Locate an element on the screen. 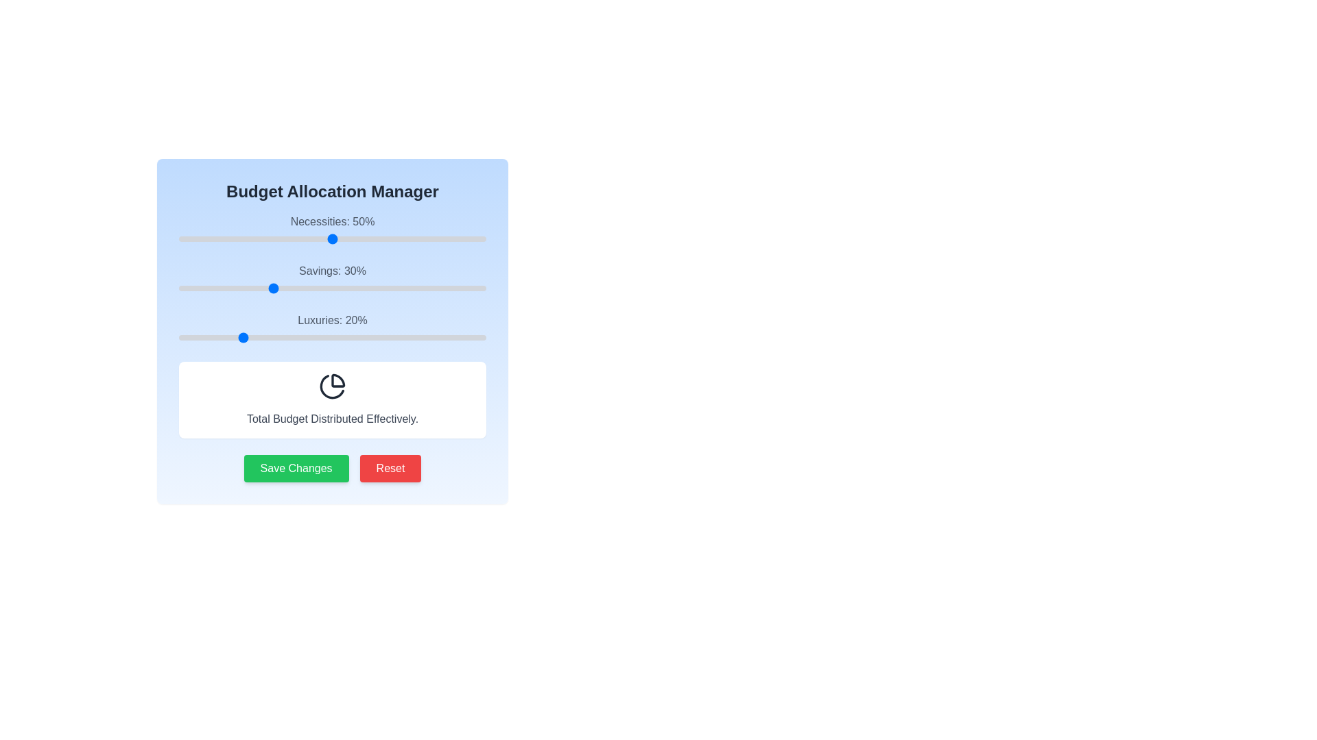 This screenshot has width=1317, height=740. the savings percentage is located at coordinates (474, 287).